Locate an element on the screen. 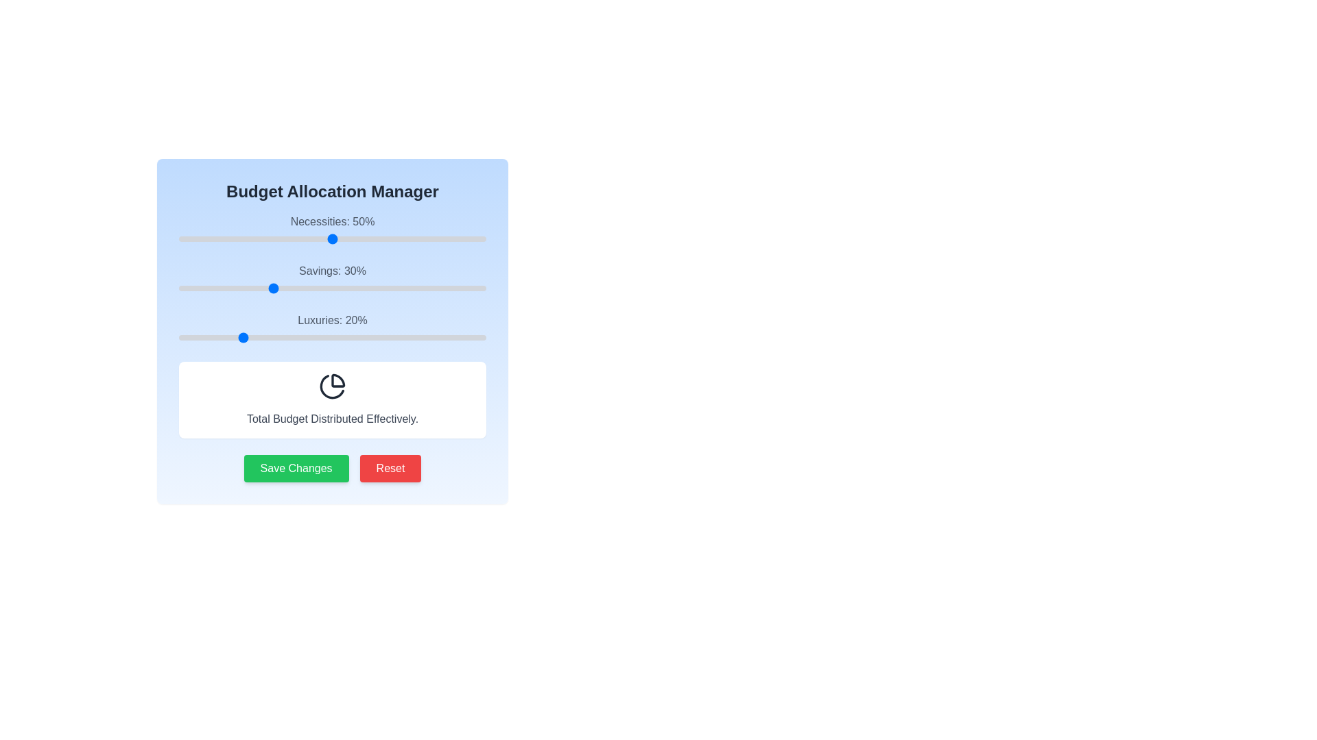 This screenshot has width=1317, height=740. the savings percentage is located at coordinates (474, 287).